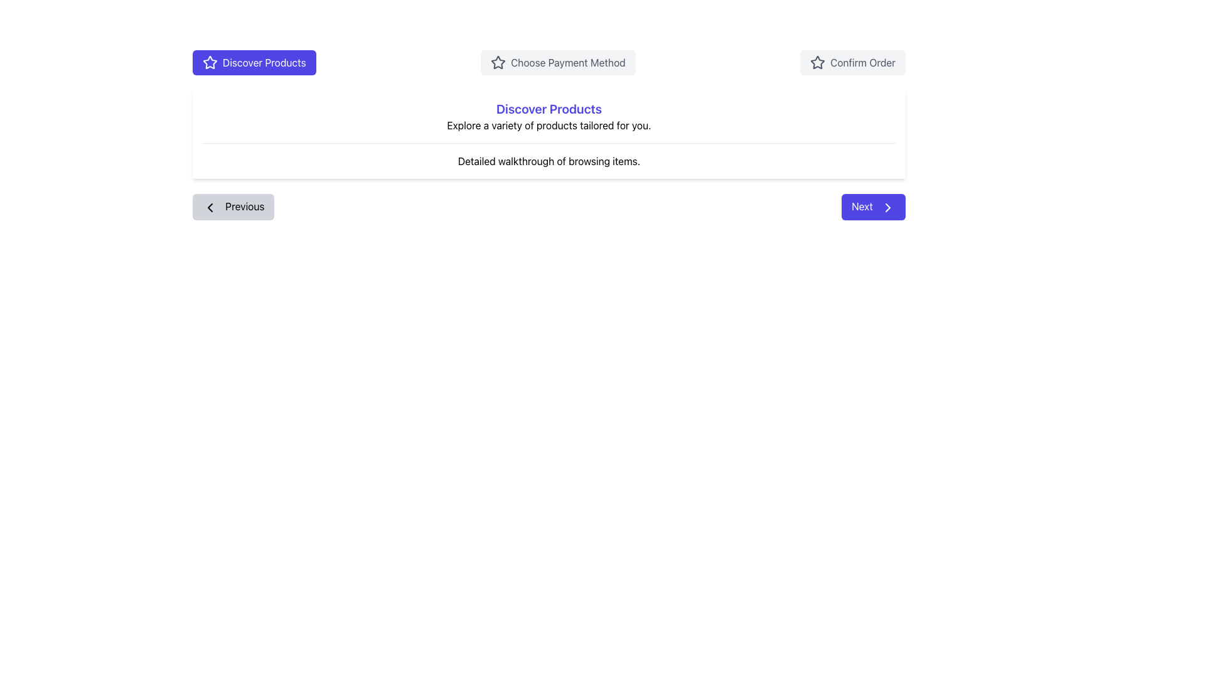  What do you see at coordinates (264, 63) in the screenshot?
I see `text label within the button labeled 'Discover Products' located in the upper-left side of the display` at bounding box center [264, 63].